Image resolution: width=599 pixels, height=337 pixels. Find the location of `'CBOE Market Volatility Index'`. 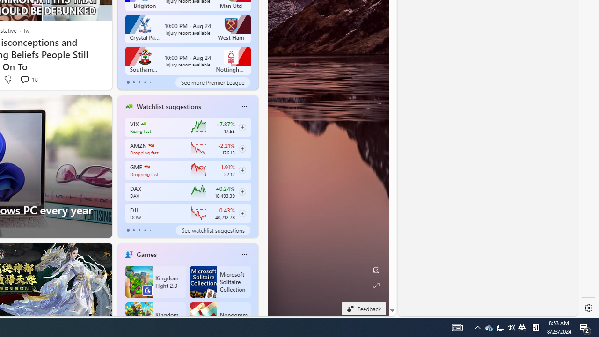

'CBOE Market Volatility Index' is located at coordinates (143, 123).